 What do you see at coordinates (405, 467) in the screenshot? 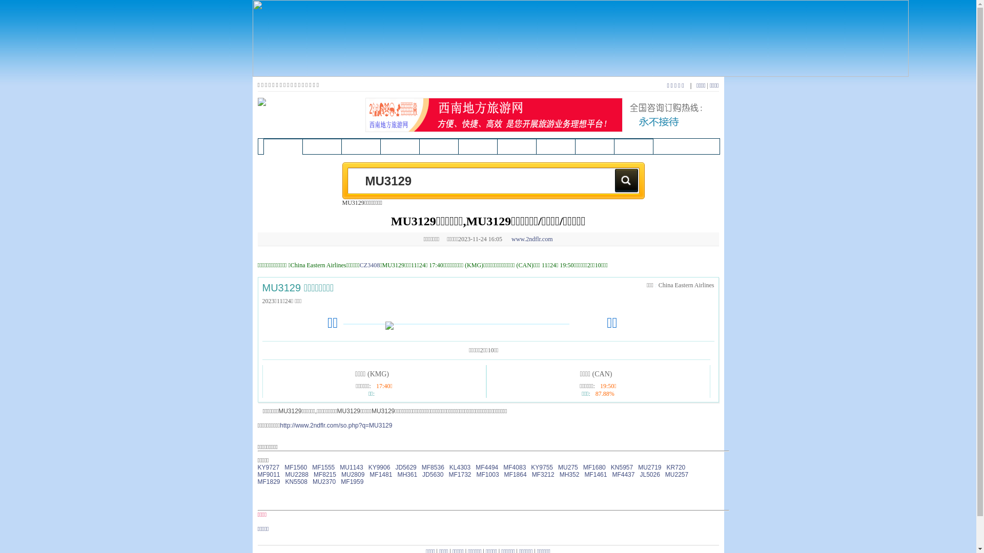
I see `'JD5629'` at bounding box center [405, 467].